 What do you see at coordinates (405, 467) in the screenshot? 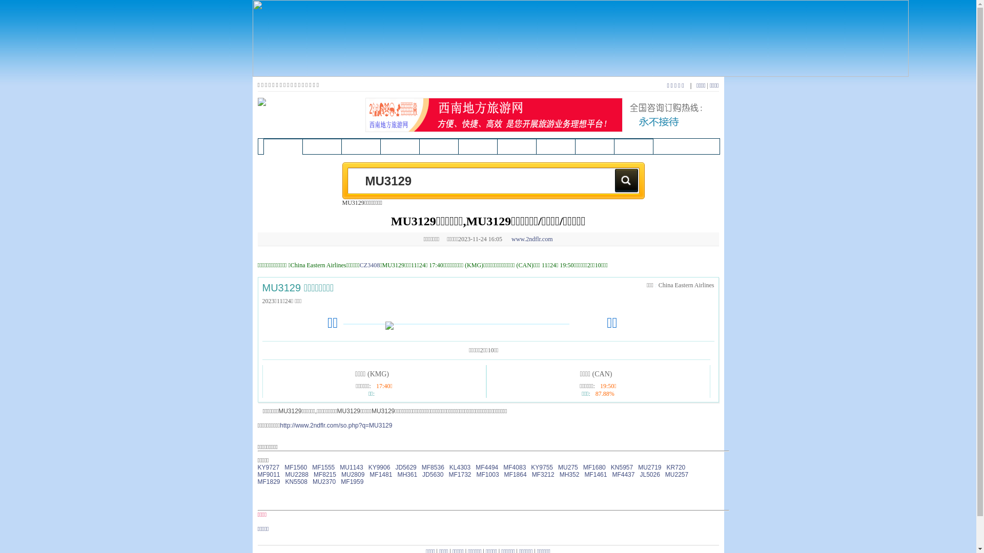
I see `'JD5629'` at bounding box center [405, 467].